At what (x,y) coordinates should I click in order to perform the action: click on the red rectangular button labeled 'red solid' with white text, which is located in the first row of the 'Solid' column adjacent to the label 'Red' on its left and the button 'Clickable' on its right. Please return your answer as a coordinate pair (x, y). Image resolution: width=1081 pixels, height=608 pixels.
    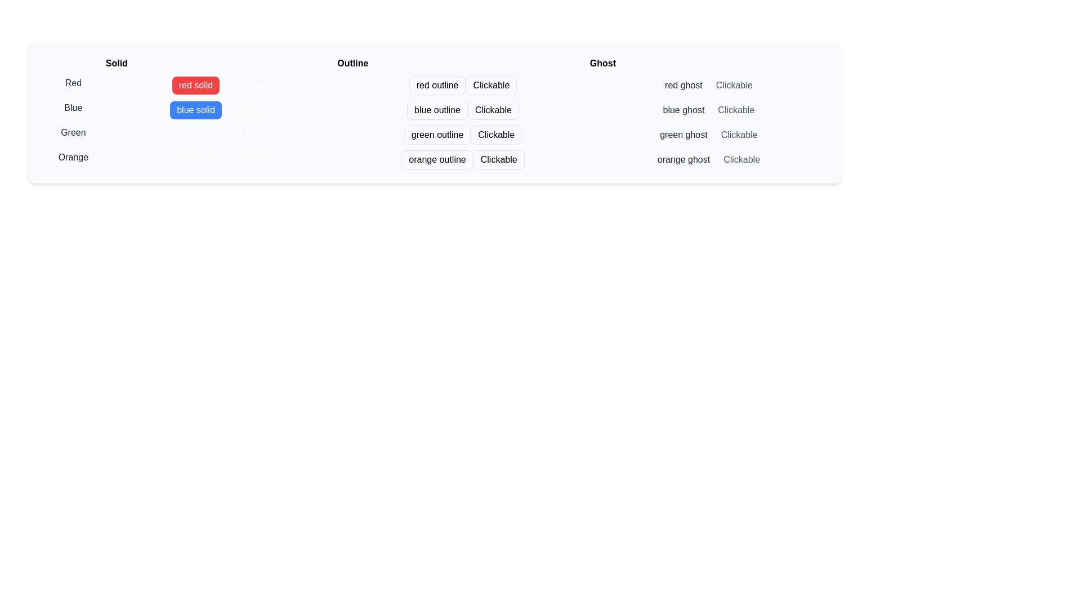
    Looking at the image, I should click on (195, 84).